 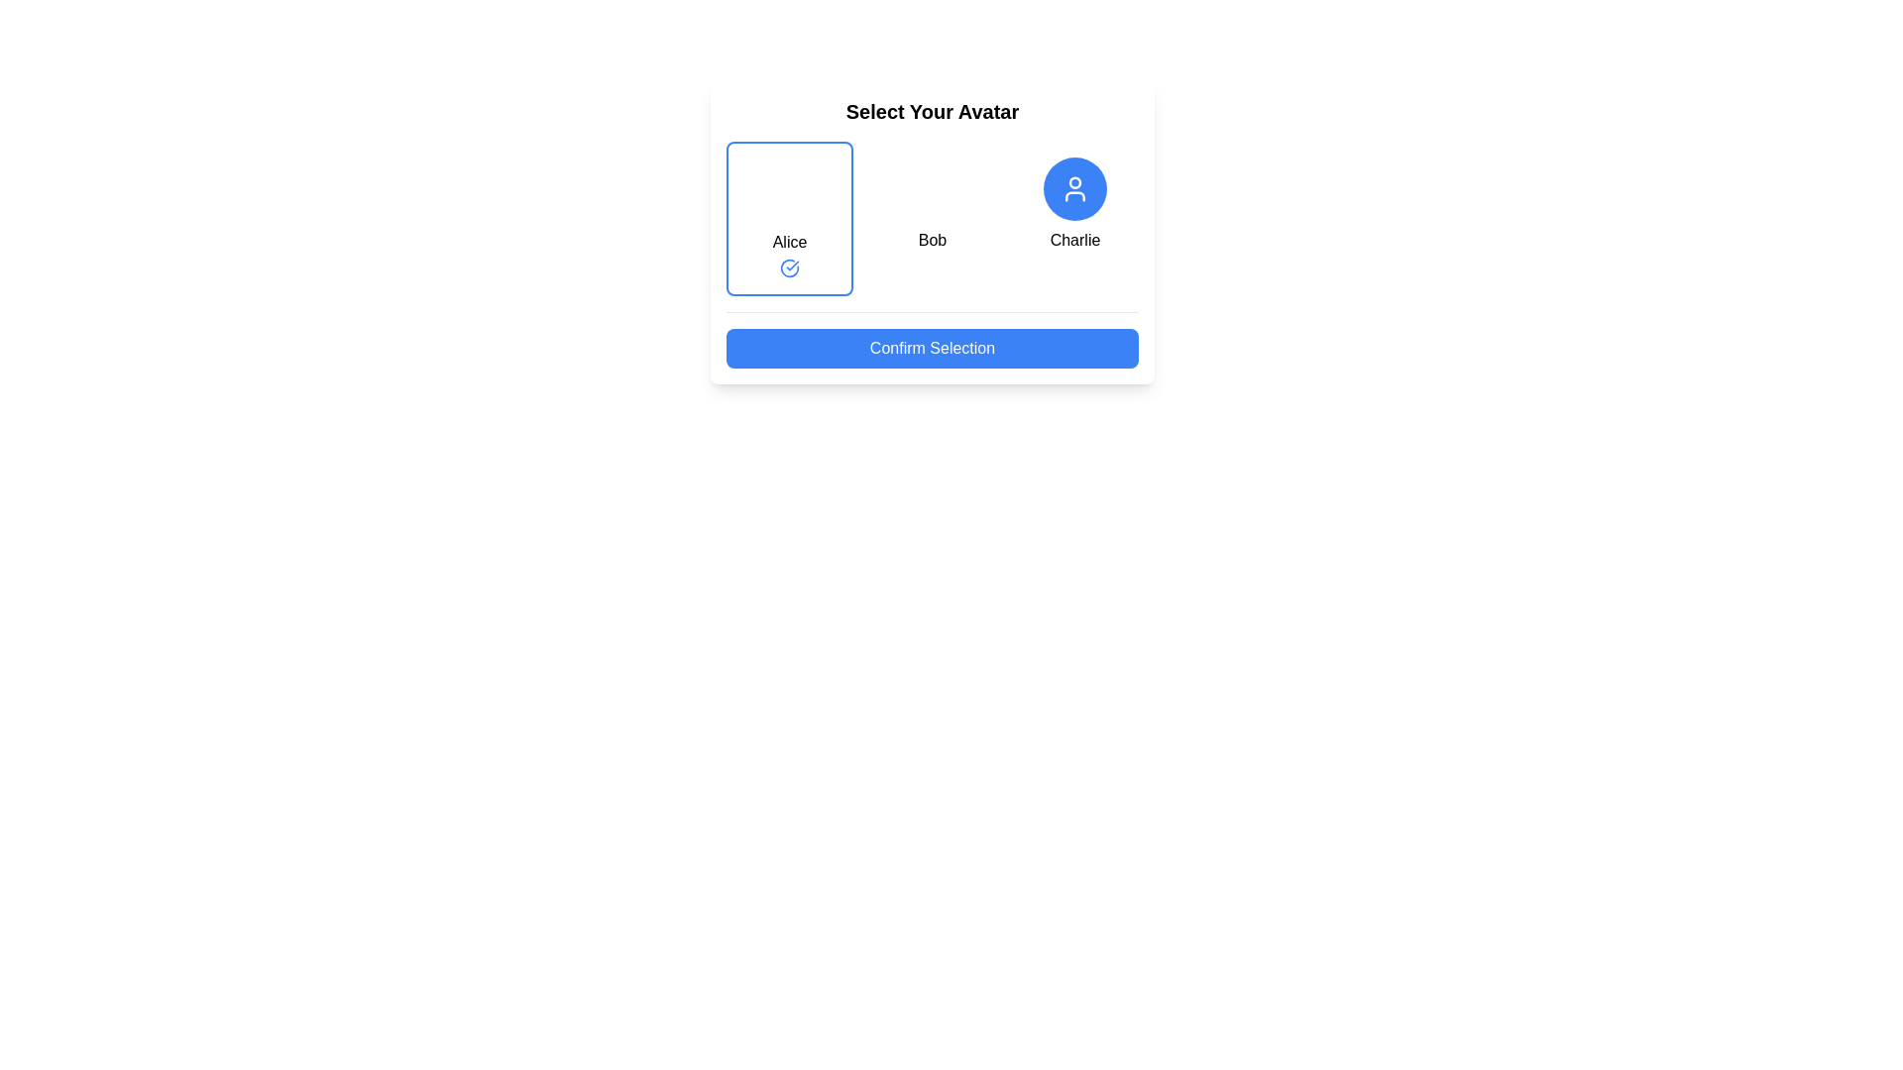 I want to click on the avatar selection button representing 'Charlie', so click(x=1073, y=189).